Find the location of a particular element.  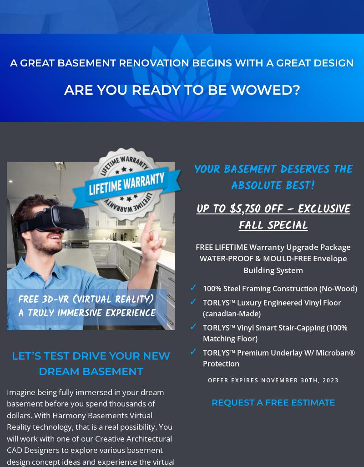

'Let’s Test Drive Your New Dream Basement' is located at coordinates (90, 363).